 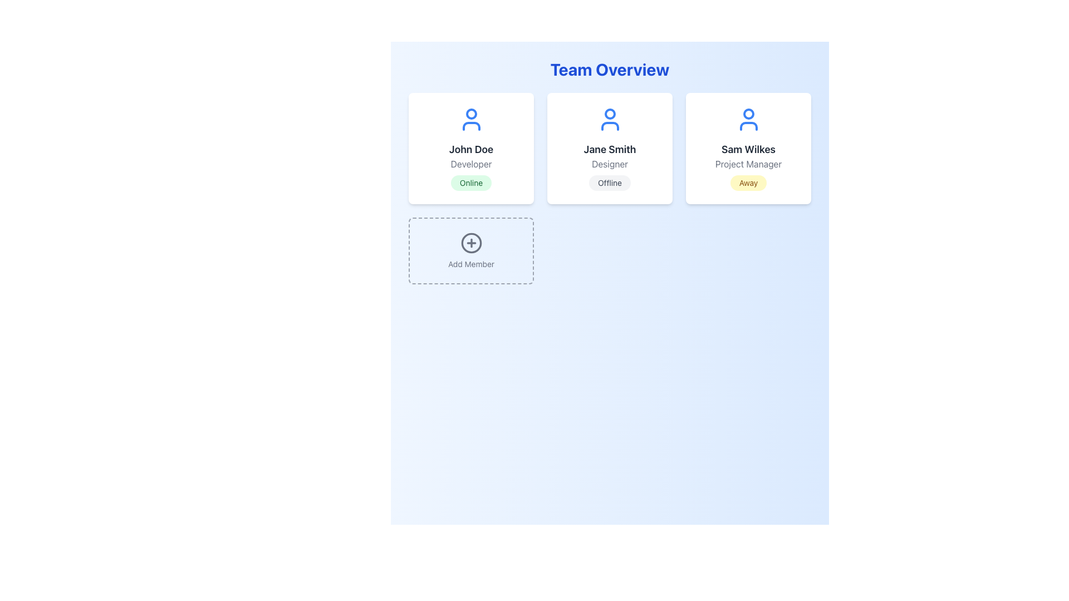 What do you see at coordinates (609, 69) in the screenshot?
I see `the prominently styled header text reading 'Team Overview', which is displayed in a large bold blue font and is centered at the top of the interface` at bounding box center [609, 69].